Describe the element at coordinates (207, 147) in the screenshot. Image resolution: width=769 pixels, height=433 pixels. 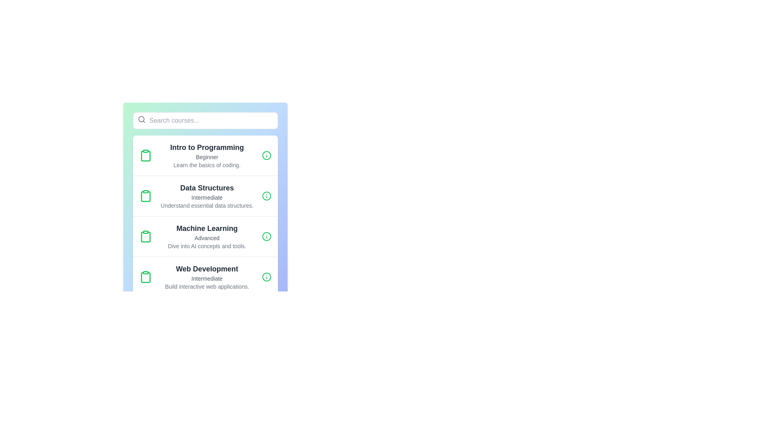
I see `the Text display label, which serves` at that location.